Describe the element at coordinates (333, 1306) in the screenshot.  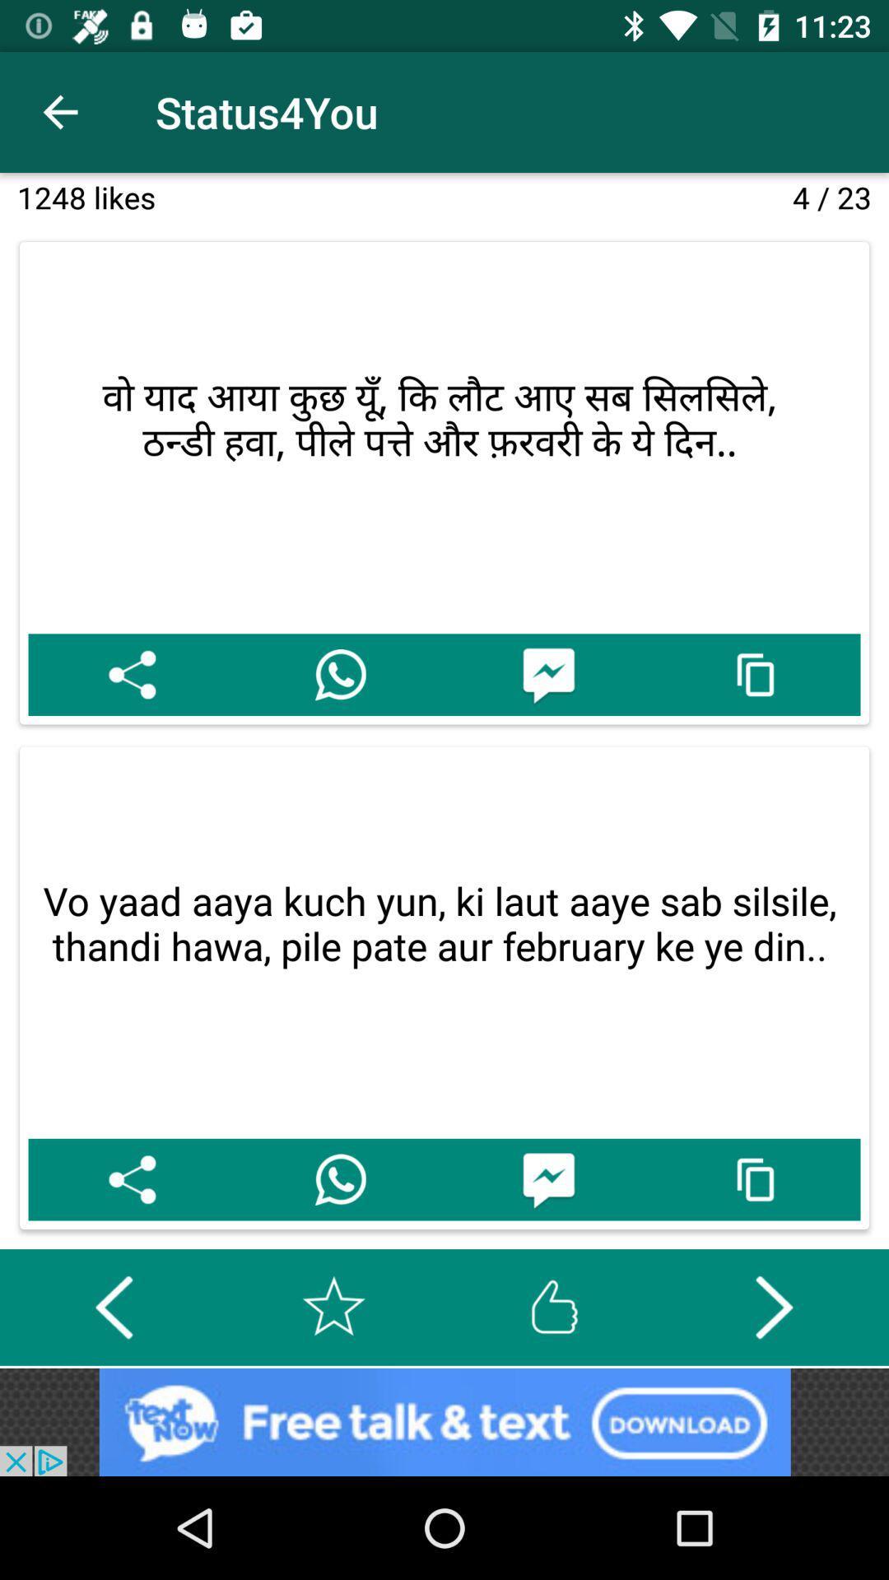
I see `the star icon` at that location.